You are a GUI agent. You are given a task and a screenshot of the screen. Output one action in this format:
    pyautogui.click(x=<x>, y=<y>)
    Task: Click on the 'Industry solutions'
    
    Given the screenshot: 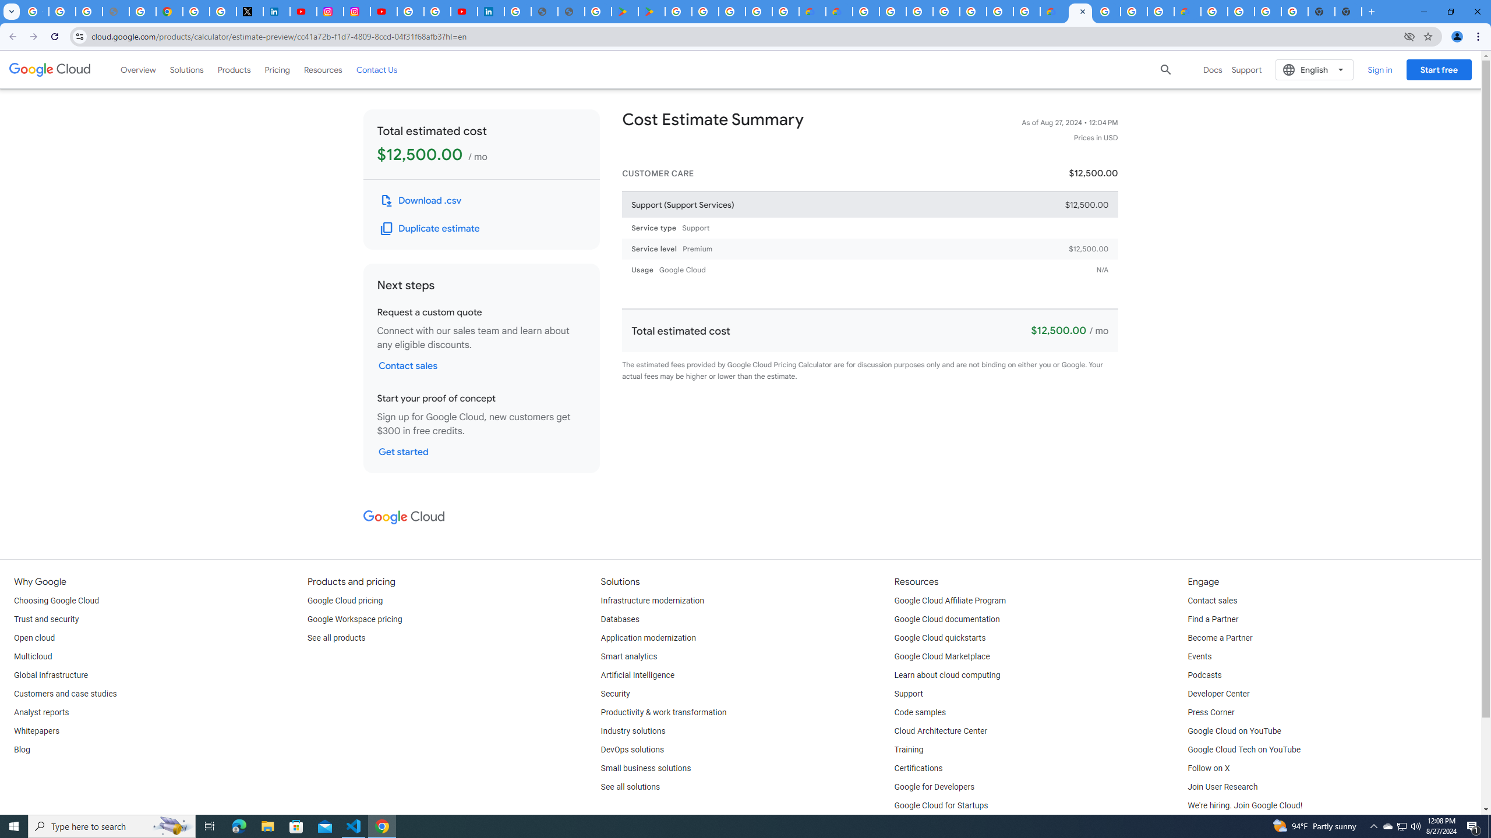 What is the action you would take?
    pyautogui.click(x=632, y=731)
    